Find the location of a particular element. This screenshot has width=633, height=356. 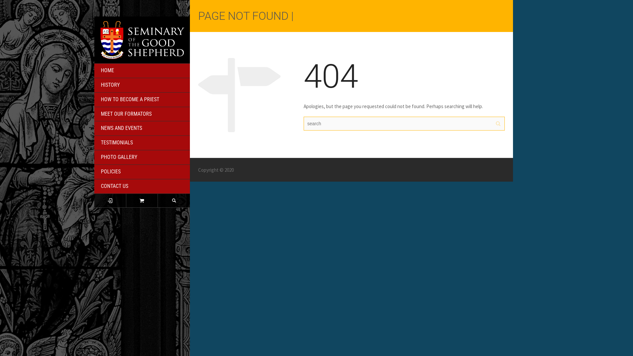

'POLICIES' is located at coordinates (142, 171).